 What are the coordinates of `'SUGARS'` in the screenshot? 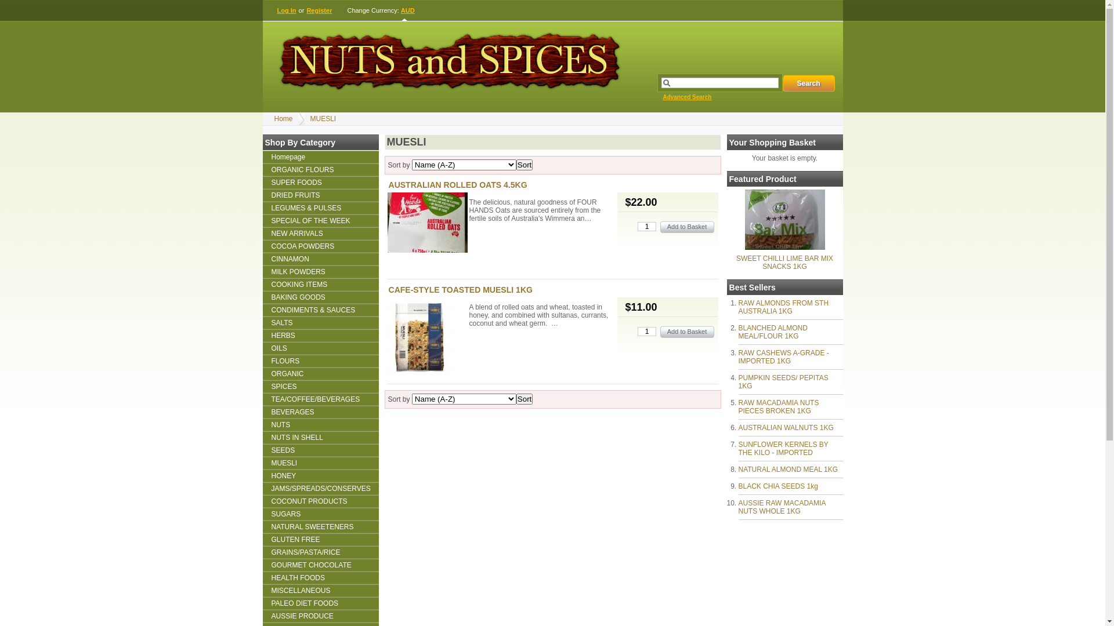 It's located at (320, 514).